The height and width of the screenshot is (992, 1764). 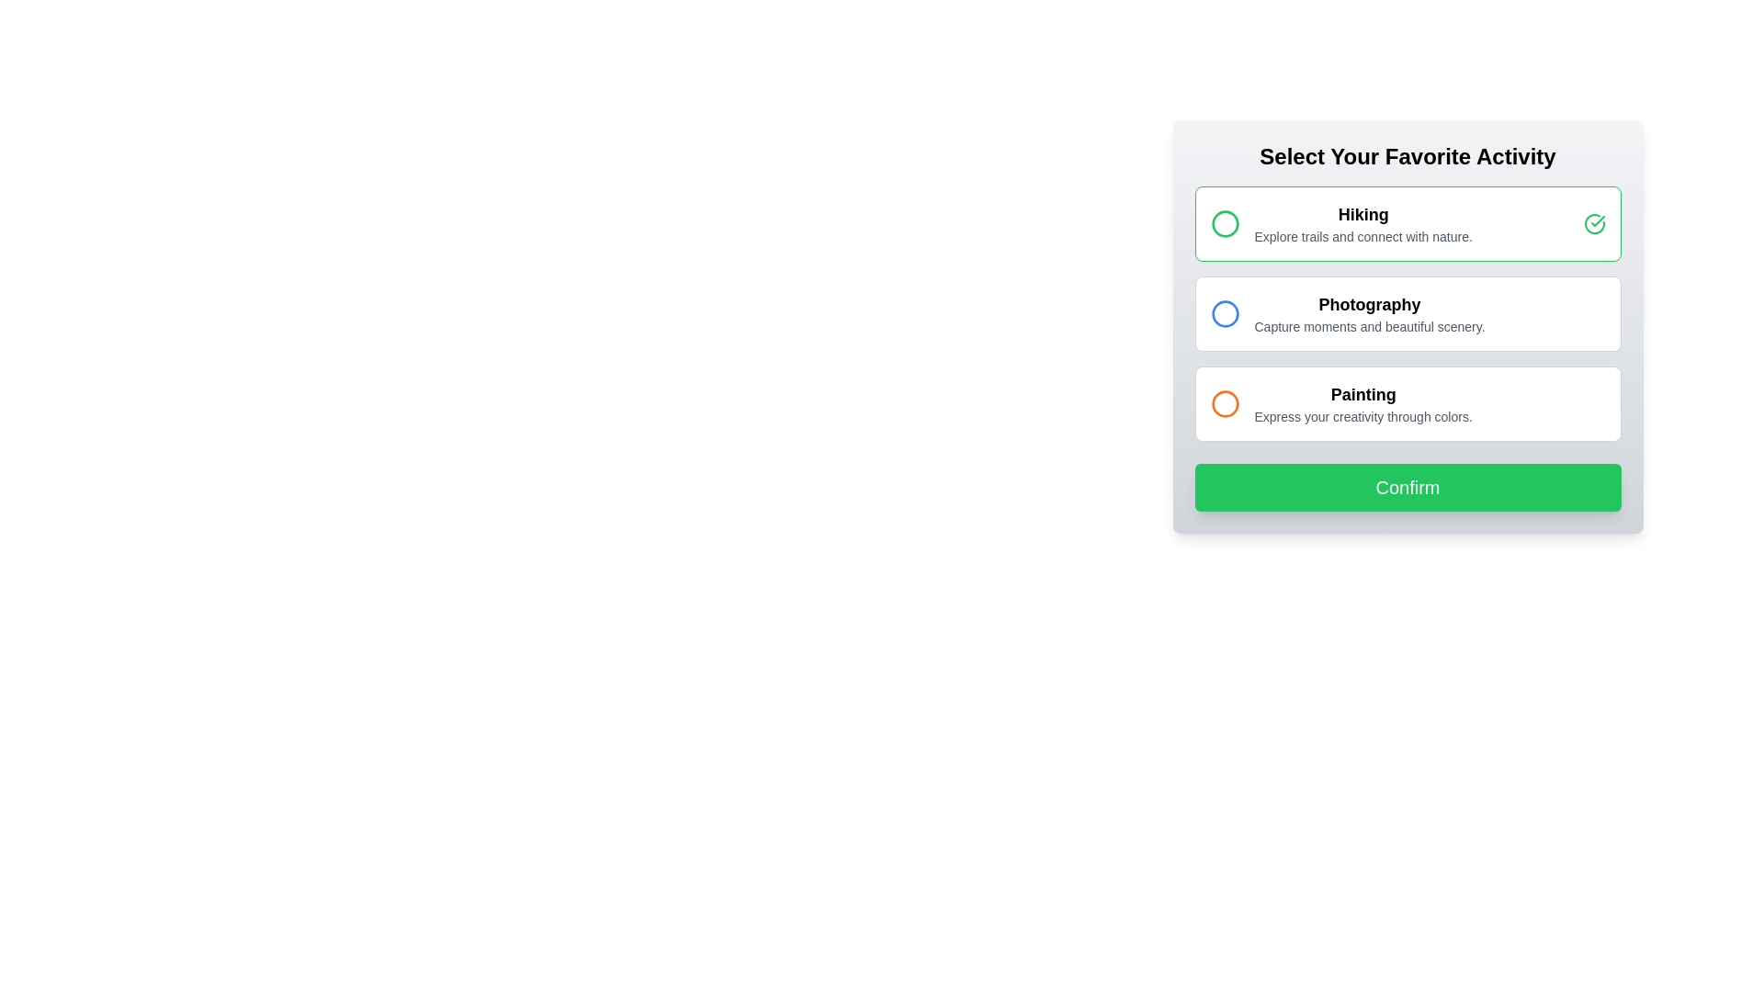 I want to click on the confirmation button located below the selectable activity options, so click(x=1407, y=487).